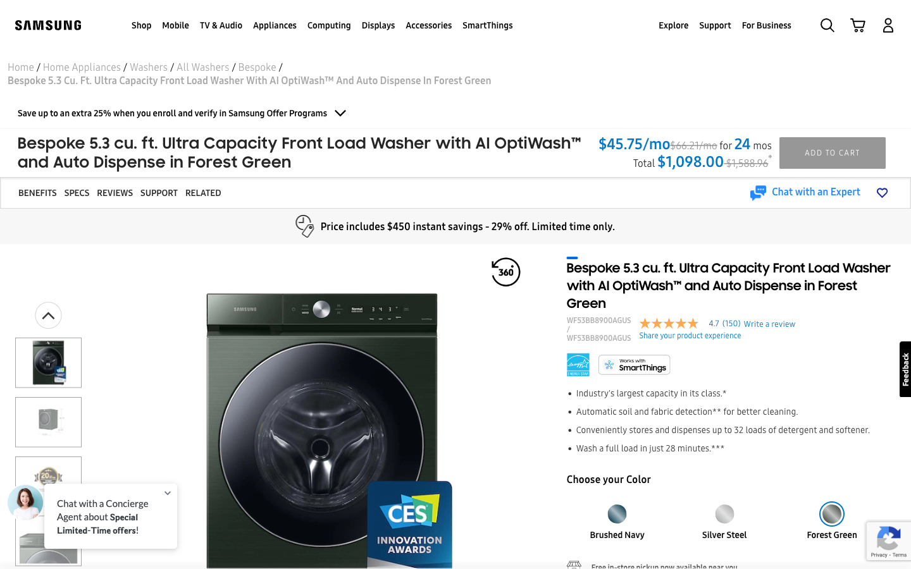  What do you see at coordinates (48, 314) in the screenshot?
I see `the top of image gallery and zoom in on the initial picture` at bounding box center [48, 314].